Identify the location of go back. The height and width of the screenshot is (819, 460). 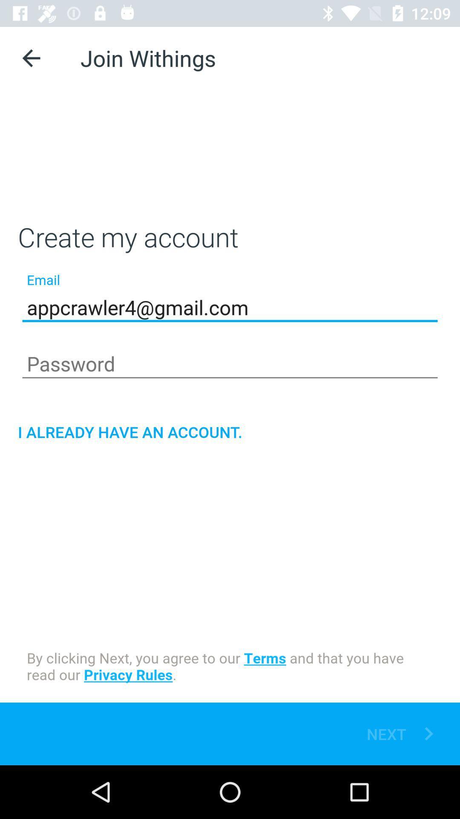
(31, 58).